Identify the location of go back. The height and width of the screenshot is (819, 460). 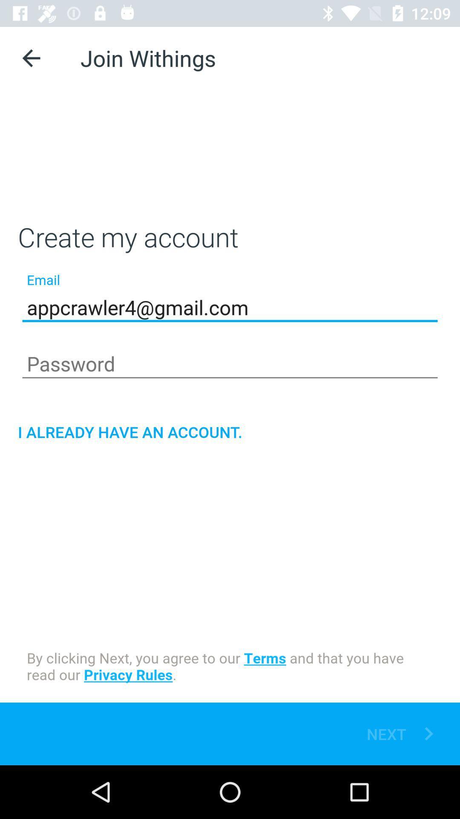
(31, 58).